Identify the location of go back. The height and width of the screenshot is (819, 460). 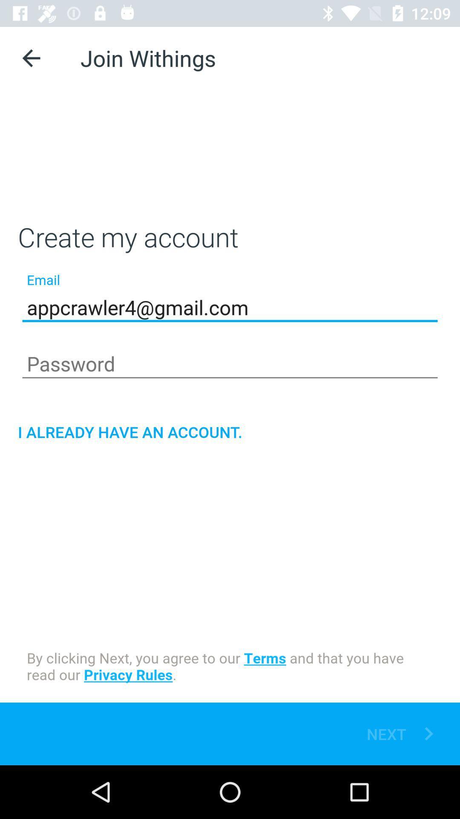
(31, 58).